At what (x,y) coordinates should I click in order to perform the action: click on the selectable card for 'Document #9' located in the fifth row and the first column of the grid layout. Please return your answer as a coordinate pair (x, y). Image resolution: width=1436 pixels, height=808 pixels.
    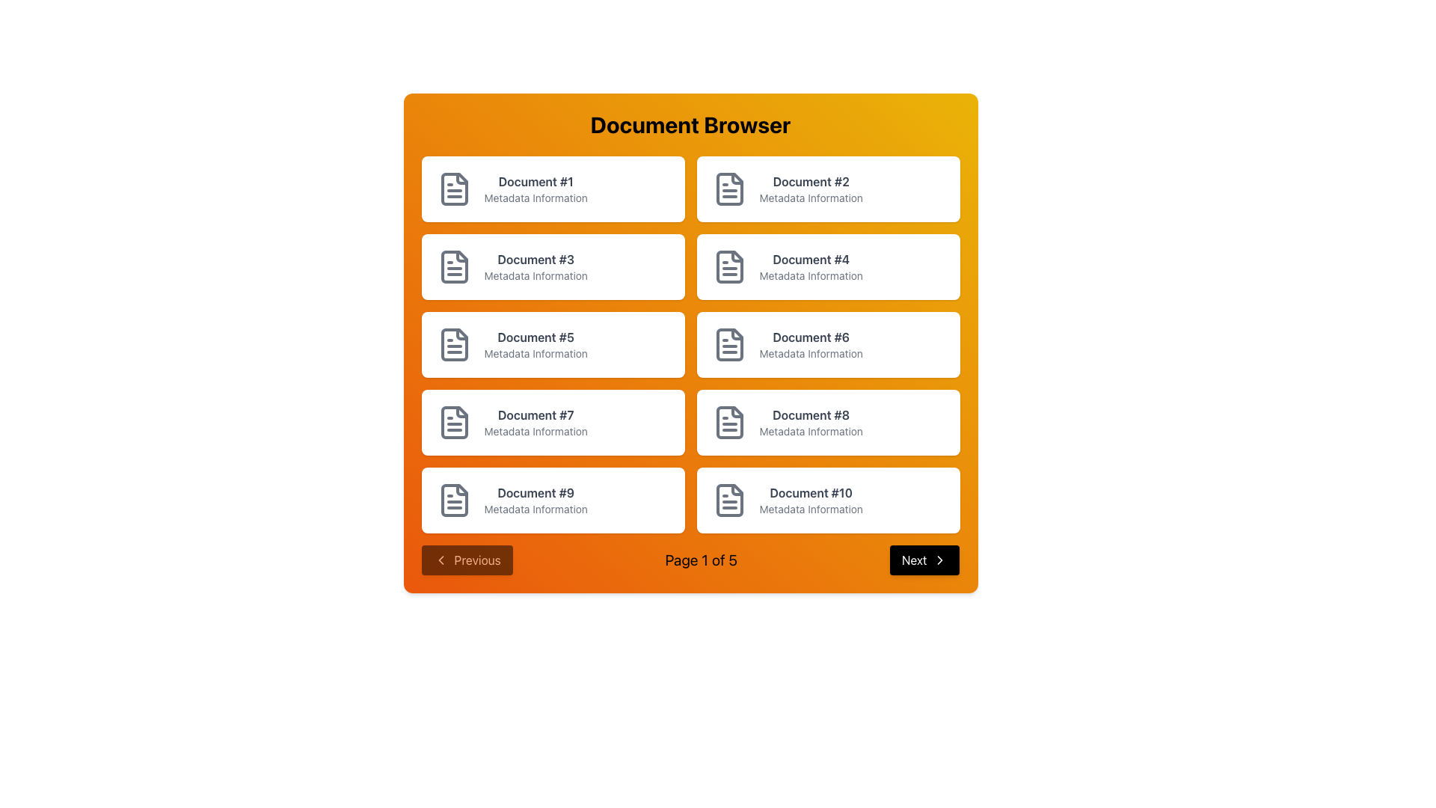
    Looking at the image, I should click on (552, 500).